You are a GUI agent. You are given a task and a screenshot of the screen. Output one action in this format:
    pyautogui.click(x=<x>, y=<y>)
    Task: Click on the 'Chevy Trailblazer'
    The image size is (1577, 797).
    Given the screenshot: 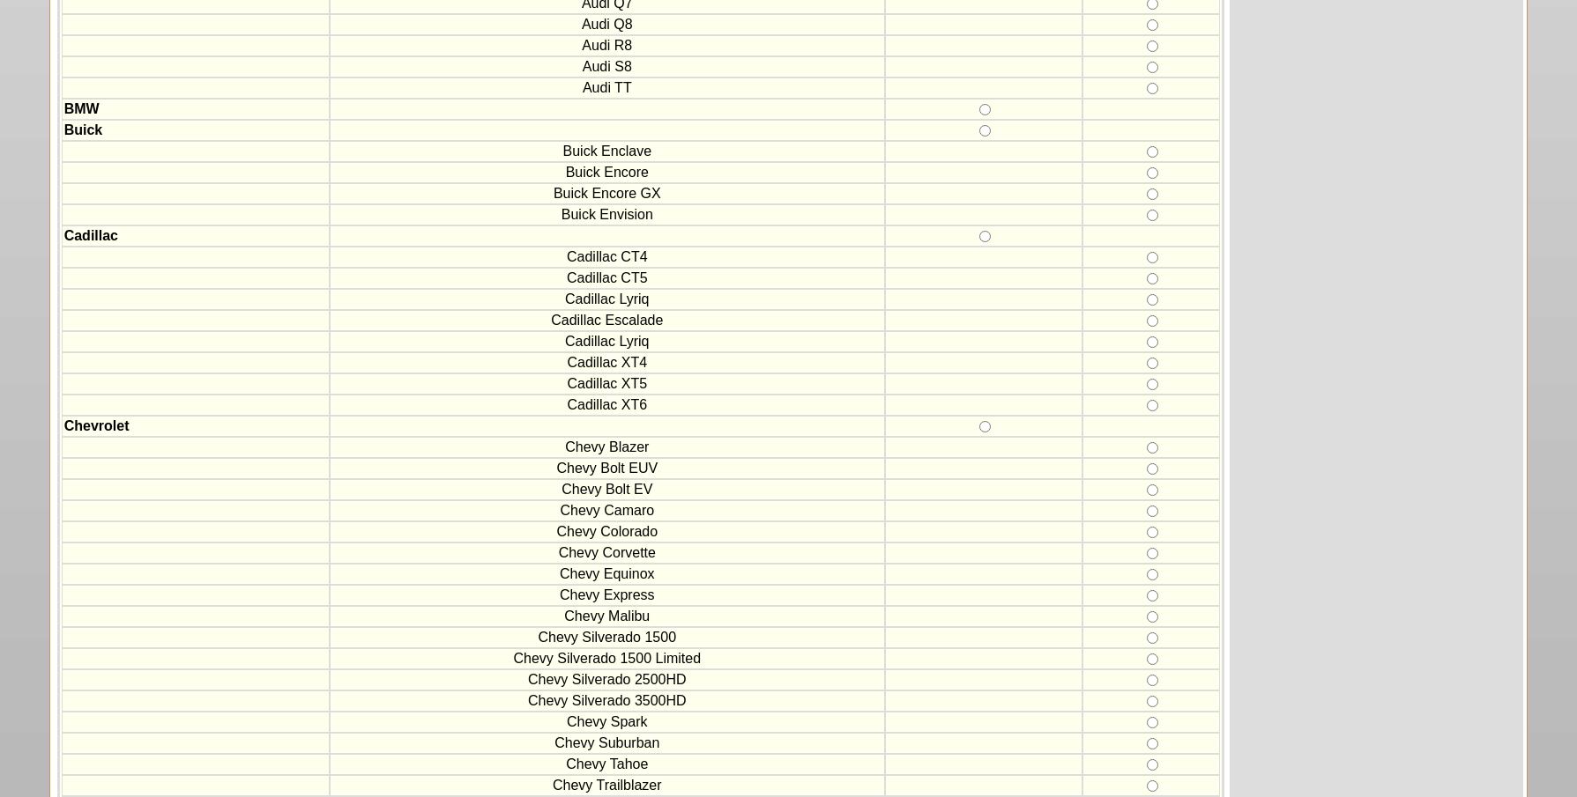 What is the action you would take?
    pyautogui.click(x=606, y=785)
    